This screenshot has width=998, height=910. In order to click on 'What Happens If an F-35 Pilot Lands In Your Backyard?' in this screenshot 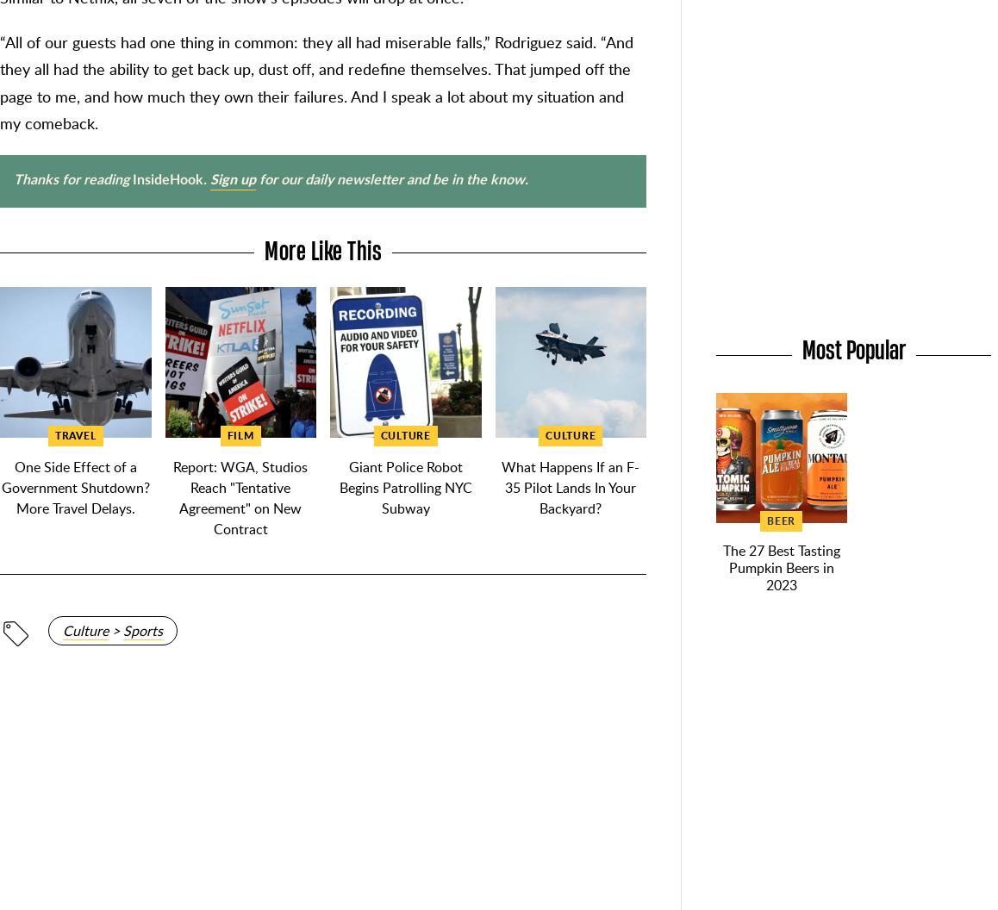, I will do `click(571, 488)`.